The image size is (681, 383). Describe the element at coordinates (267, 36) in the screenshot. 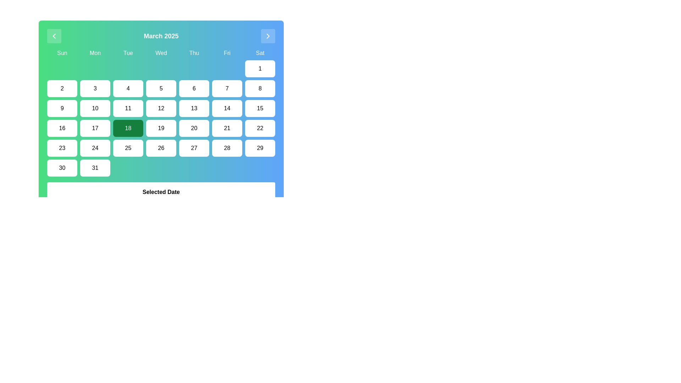

I see `the right-facing chevron icon button, which is a minimalist design in white on a small blue square, located near the top-right corner of the calendar navigation interface` at that location.